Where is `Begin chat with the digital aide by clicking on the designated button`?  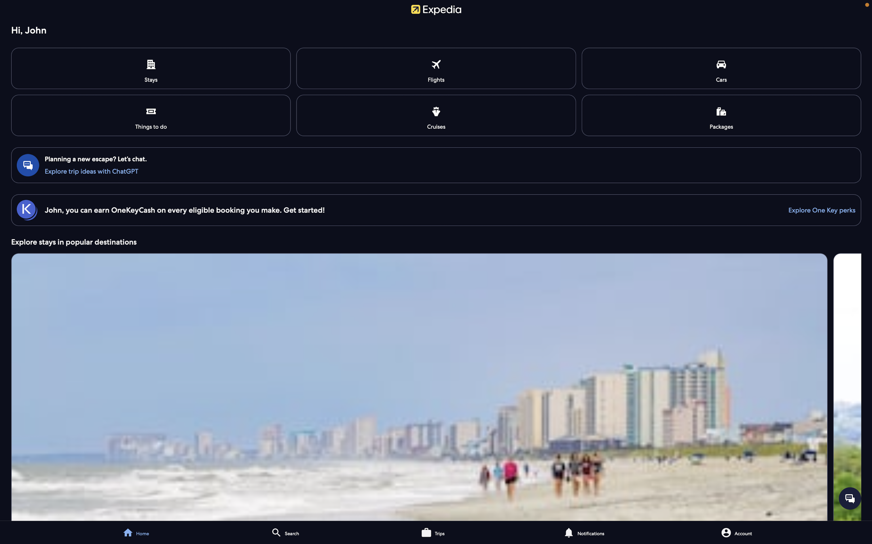 Begin chat with the digital aide by clicking on the designated button is located at coordinates (850, 498).